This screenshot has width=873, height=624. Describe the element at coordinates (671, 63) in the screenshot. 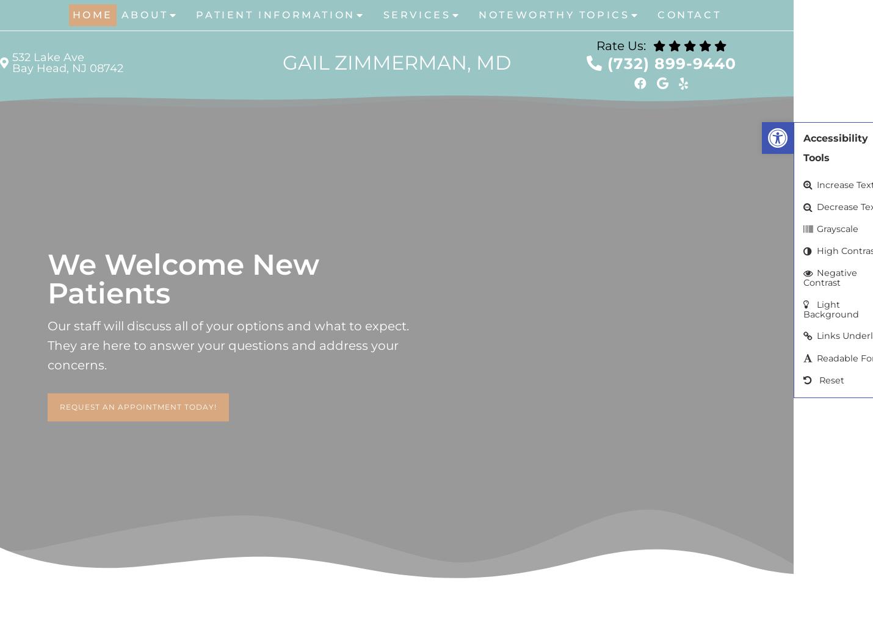

I see `'(732) 899-9440'` at that location.